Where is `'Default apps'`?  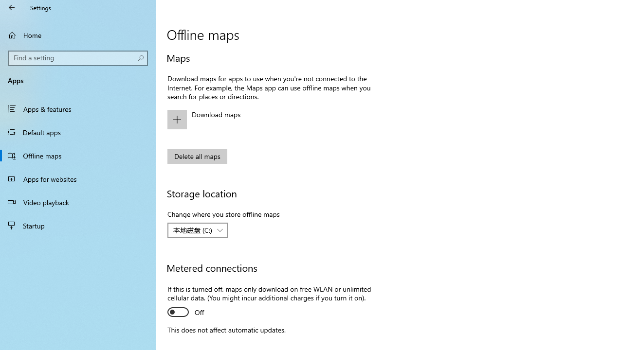
'Default apps' is located at coordinates (78, 132).